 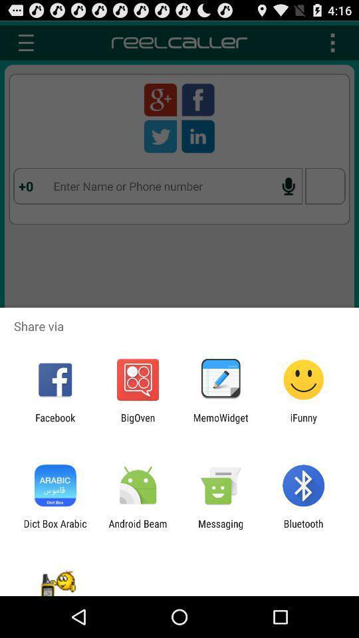 I want to click on app next to the android beam, so click(x=221, y=529).